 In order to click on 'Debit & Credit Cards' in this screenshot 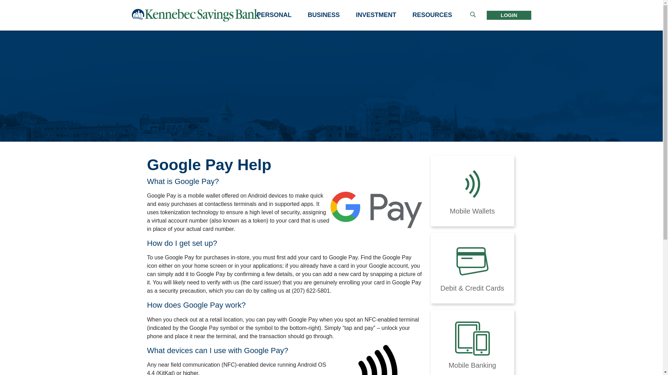, I will do `click(472, 267)`.